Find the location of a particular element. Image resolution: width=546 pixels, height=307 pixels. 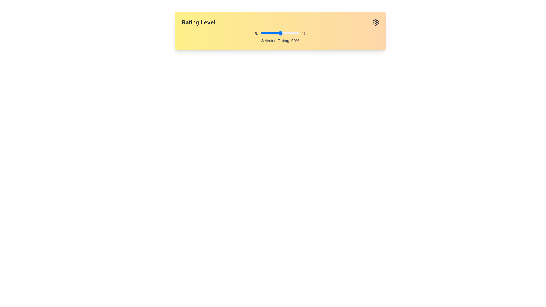

text displayed in the Static Text Label showing 'Selected Rating: 50%' which is located below the slider component in the 'Rating Level' section is located at coordinates (280, 40).